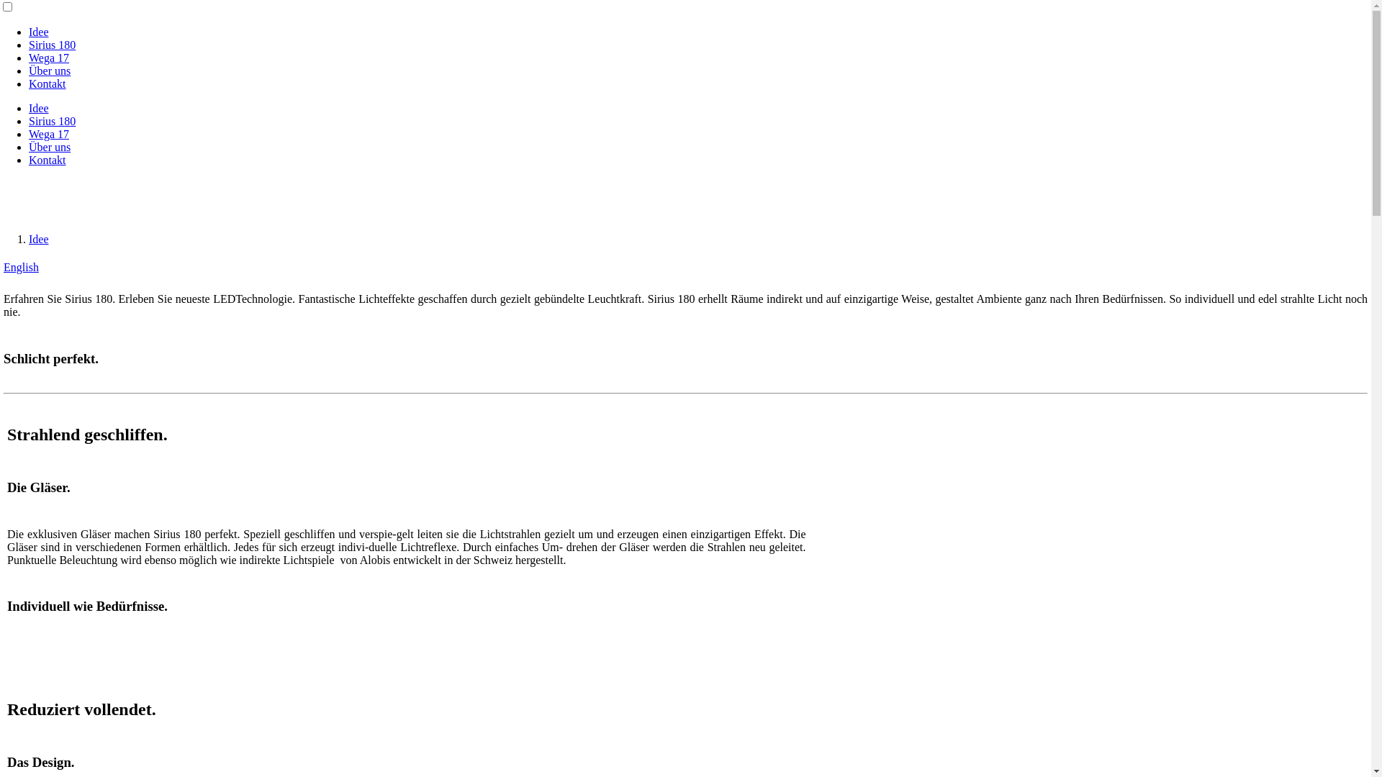 The width and height of the screenshot is (1382, 777). Describe the element at coordinates (28, 238) in the screenshot. I see `'Idee'` at that location.